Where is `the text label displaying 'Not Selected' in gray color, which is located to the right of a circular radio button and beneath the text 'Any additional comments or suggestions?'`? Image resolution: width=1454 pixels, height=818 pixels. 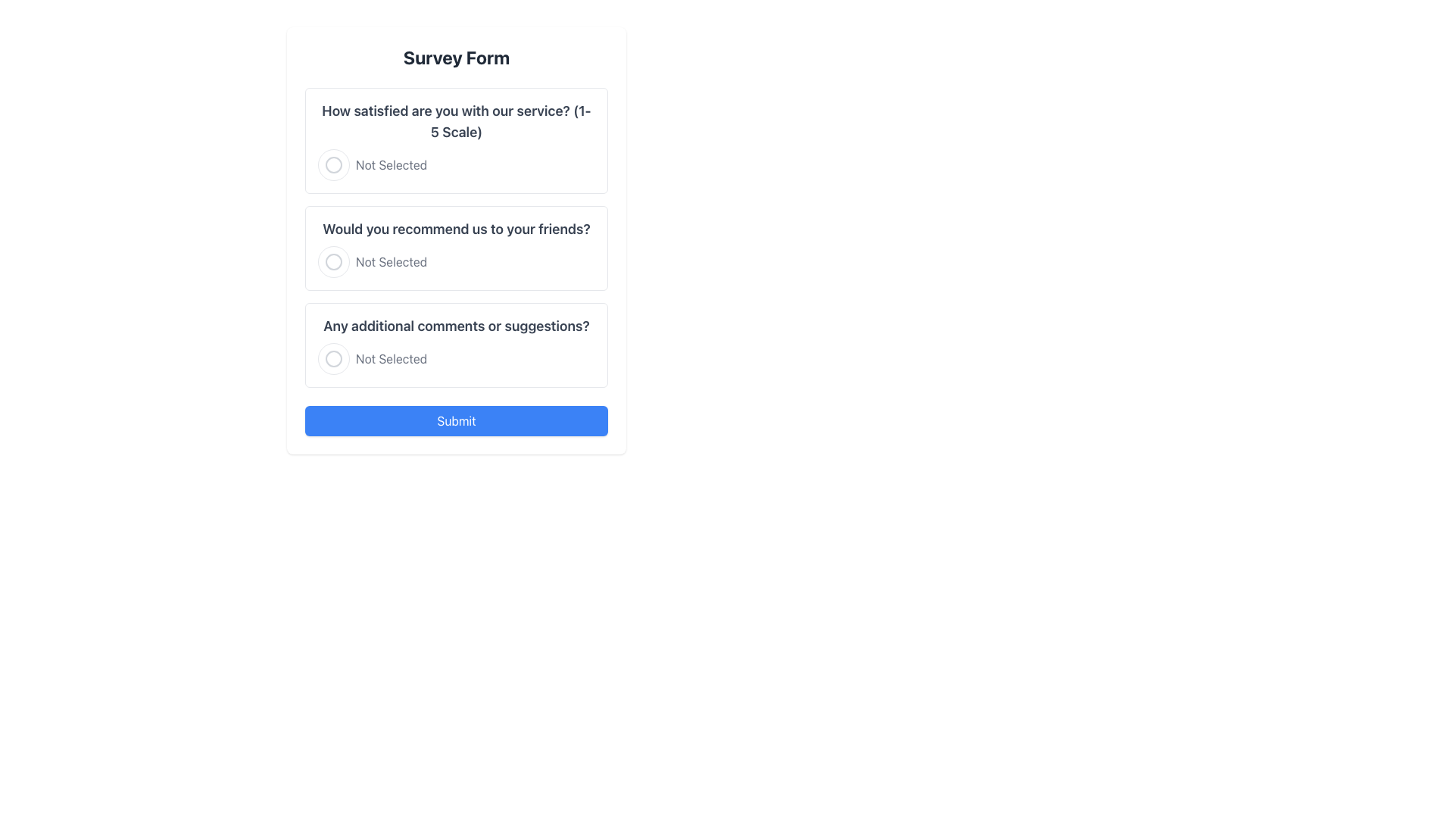
the text label displaying 'Not Selected' in gray color, which is located to the right of a circular radio button and beneath the text 'Any additional comments or suggestions?' is located at coordinates (392, 359).